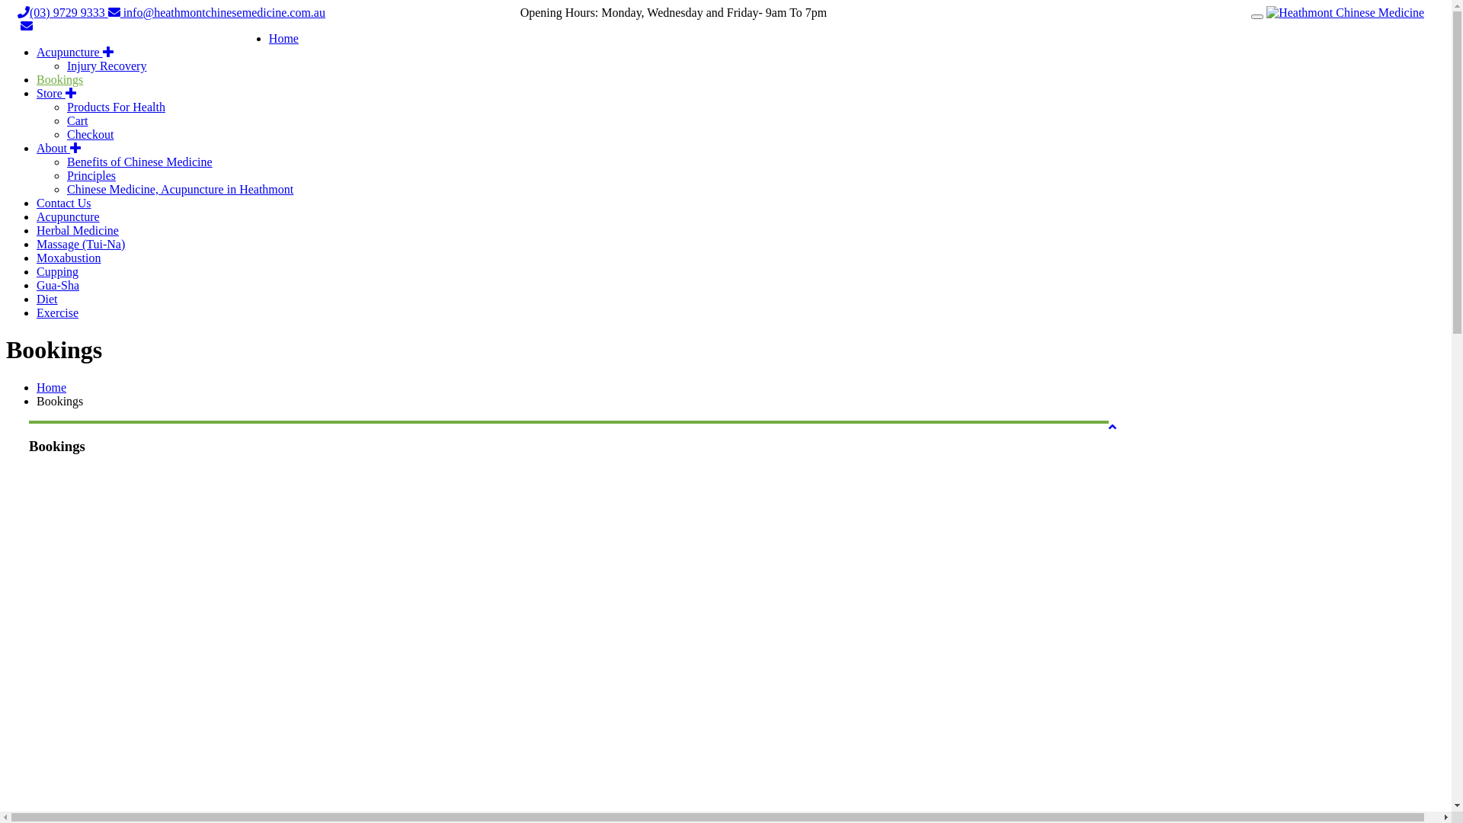 The width and height of the screenshot is (1463, 823). What do you see at coordinates (58, 148) in the screenshot?
I see `'About'` at bounding box center [58, 148].